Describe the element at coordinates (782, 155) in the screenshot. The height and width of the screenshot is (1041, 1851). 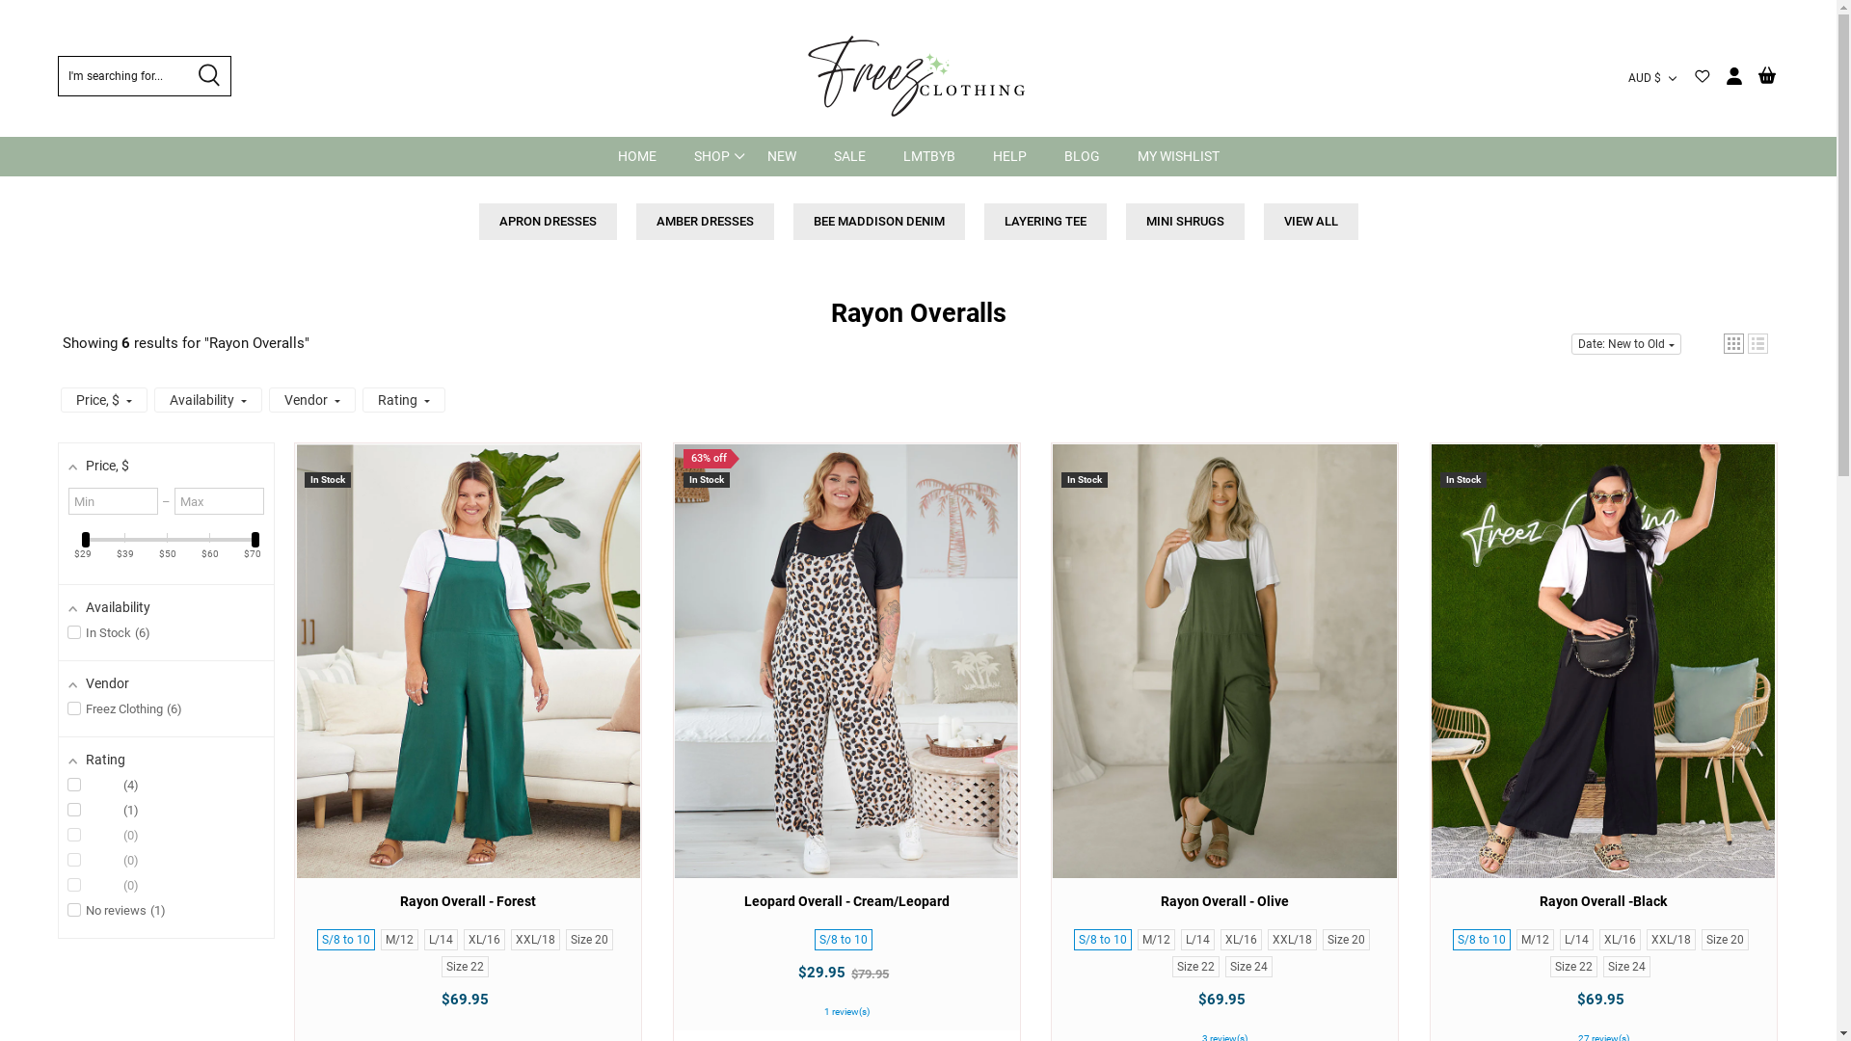
I see `'NEW'` at that location.